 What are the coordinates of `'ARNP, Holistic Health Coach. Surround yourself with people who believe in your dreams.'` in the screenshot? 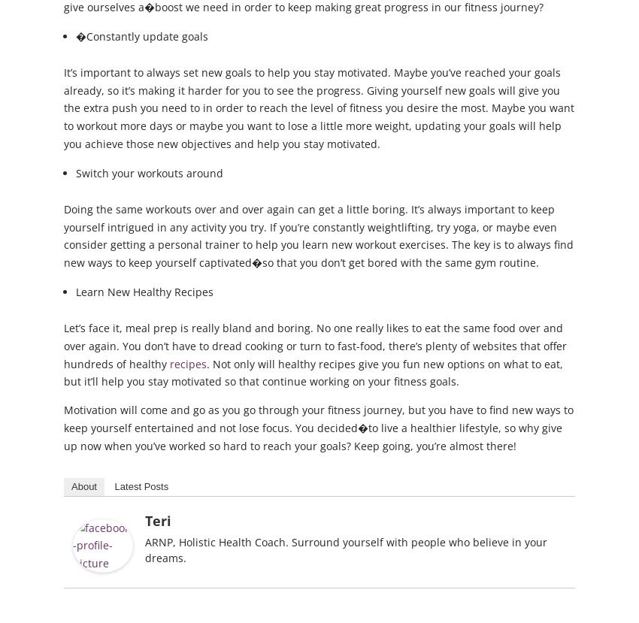 It's located at (345, 549).